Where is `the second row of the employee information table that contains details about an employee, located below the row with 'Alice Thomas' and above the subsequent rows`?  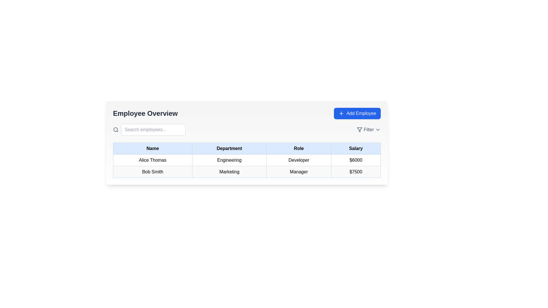
the second row of the employee information table that contains details about an employee, located below the row with 'Alice Thomas' and above the subsequent rows is located at coordinates (247, 171).